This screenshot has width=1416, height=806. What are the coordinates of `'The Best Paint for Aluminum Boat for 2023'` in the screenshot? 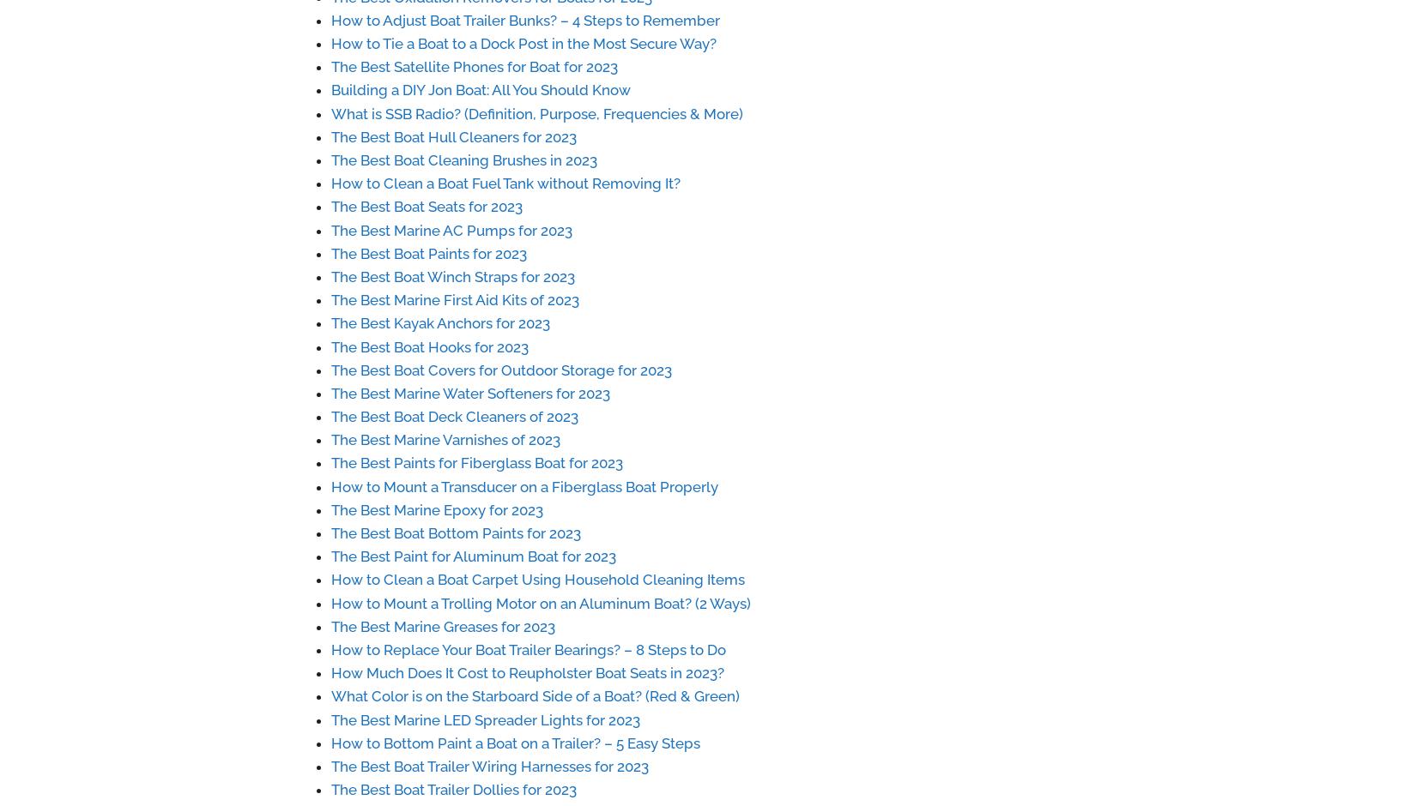 It's located at (472, 556).